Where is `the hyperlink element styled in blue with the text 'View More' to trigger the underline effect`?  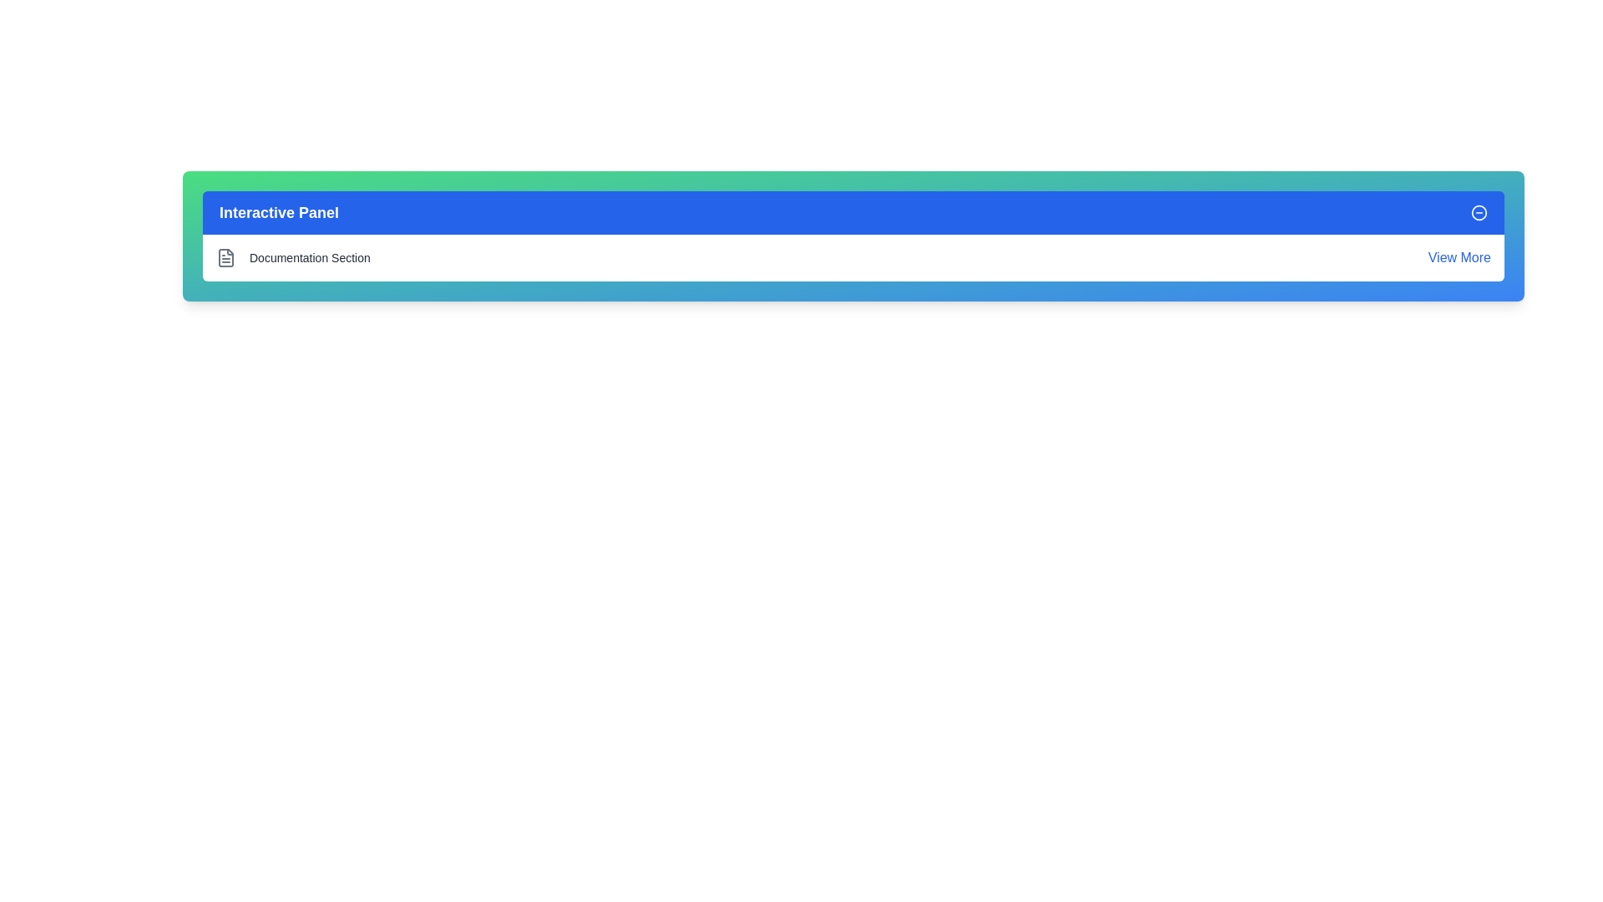 the hyperlink element styled in blue with the text 'View More' to trigger the underline effect is located at coordinates (1459, 257).